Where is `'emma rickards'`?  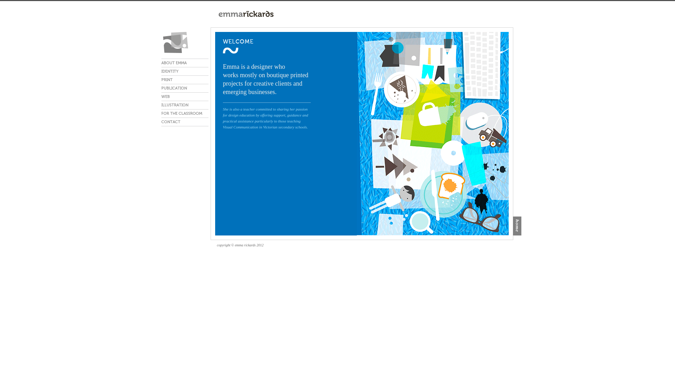 'emma rickards' is located at coordinates (185, 42).